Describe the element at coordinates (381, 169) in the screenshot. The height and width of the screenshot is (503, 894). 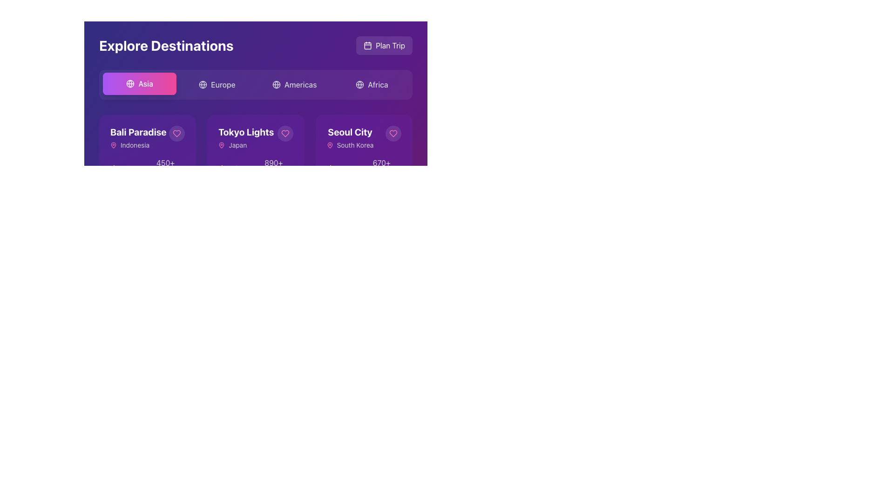
I see `text label displaying the traveler count of '670+ travelers' located in the lower right section of the 'Seoul City' card` at that location.